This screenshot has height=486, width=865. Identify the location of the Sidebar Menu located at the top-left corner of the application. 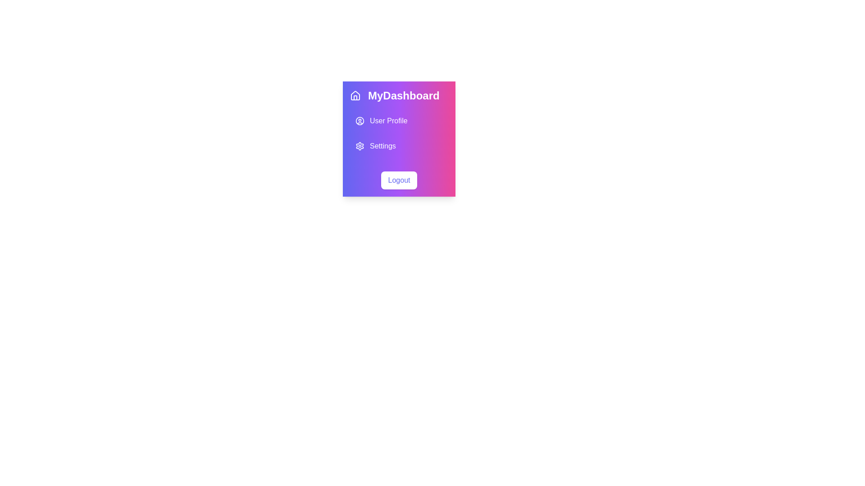
(399, 139).